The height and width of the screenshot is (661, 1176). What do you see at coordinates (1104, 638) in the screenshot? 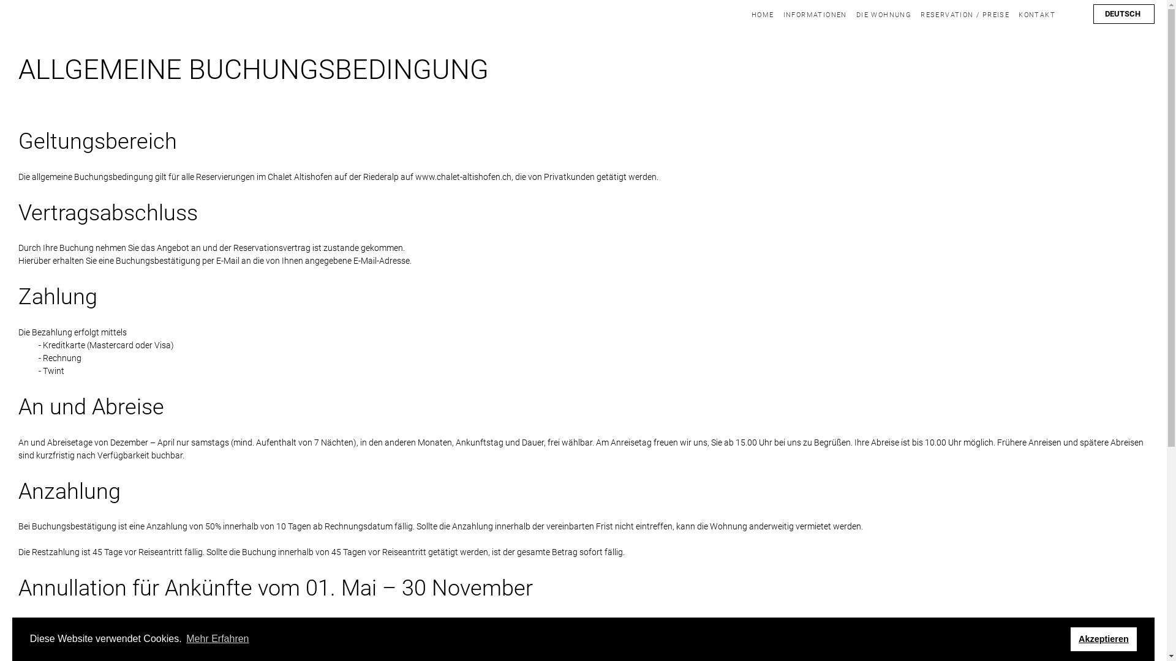
I see `'Akzeptieren'` at bounding box center [1104, 638].